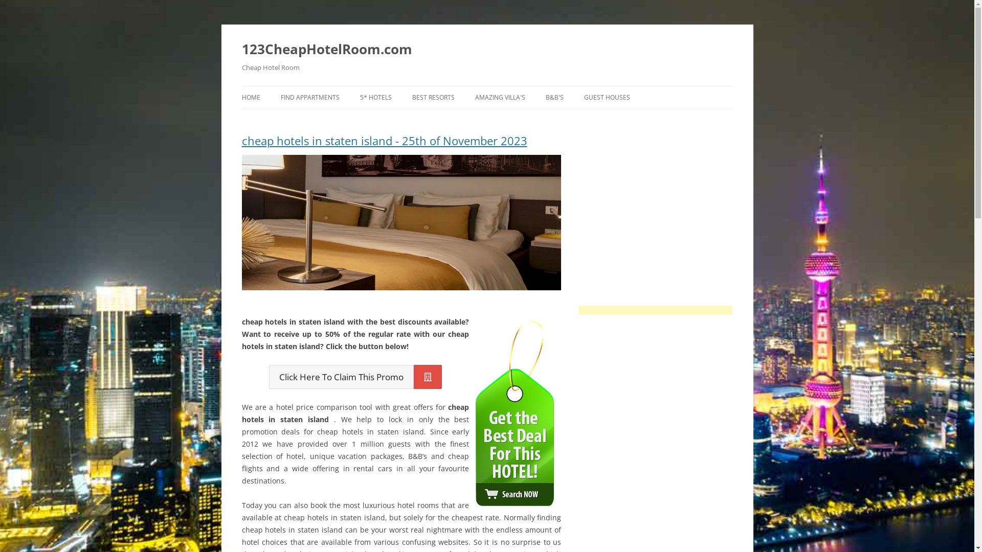  Describe the element at coordinates (326, 49) in the screenshot. I see `'123CheapHotelRoom.com'` at that location.